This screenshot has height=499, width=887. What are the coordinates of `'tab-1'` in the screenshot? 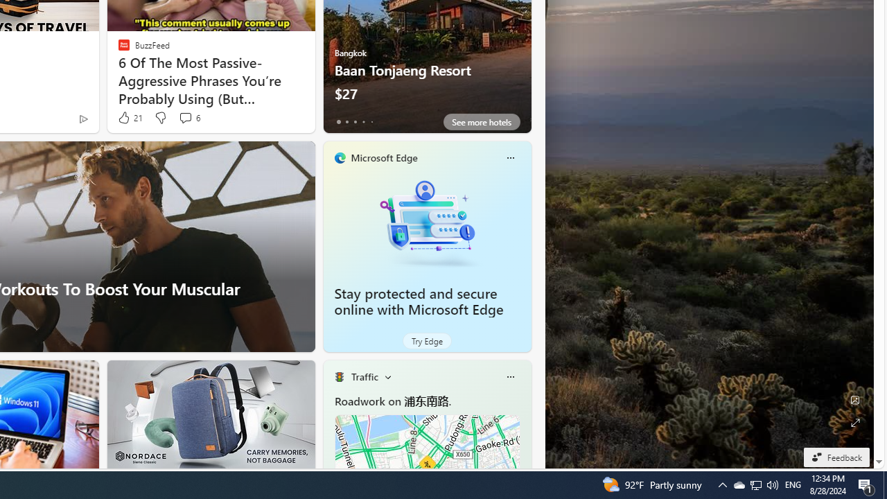 It's located at (346, 121).